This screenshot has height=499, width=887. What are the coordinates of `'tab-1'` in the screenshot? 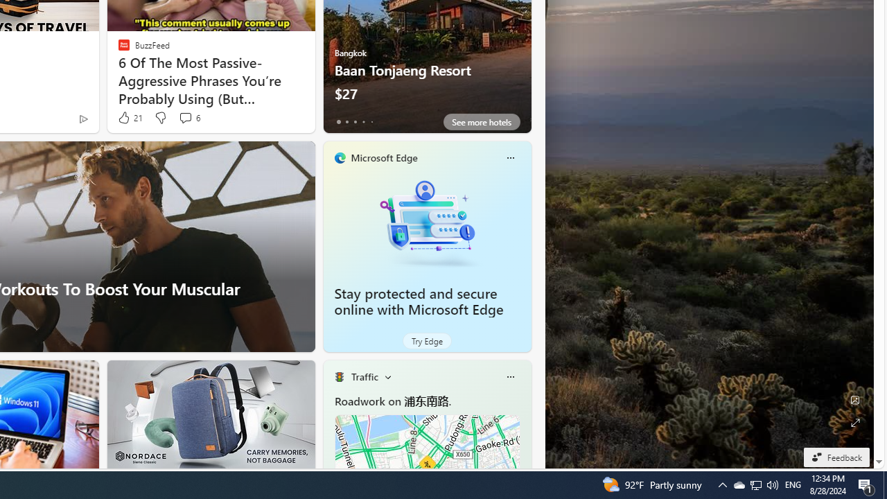 It's located at (346, 121).